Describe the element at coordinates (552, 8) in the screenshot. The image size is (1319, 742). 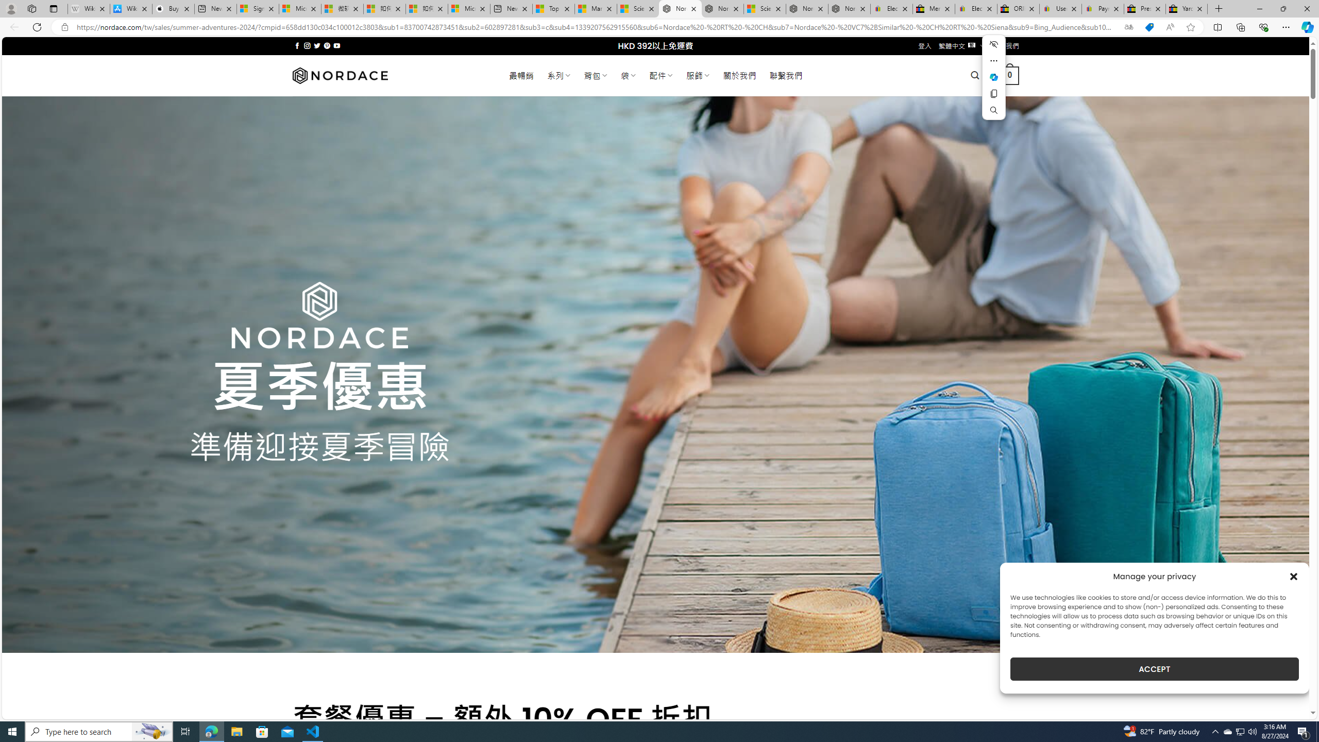
I see `'Top Stories - MSN'` at that location.